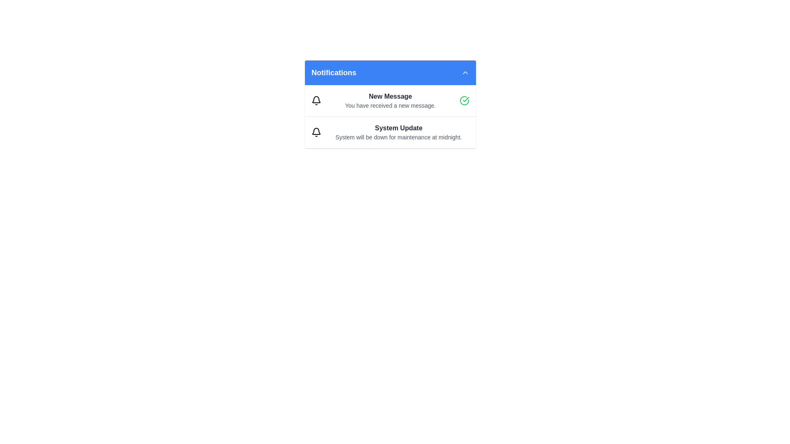 The image size is (790, 444). I want to click on the status indication of the circular icon with a green outline and a checkmark symbol, which is located next to the 'New Message' notification text in the notification dropdown, so click(464, 100).